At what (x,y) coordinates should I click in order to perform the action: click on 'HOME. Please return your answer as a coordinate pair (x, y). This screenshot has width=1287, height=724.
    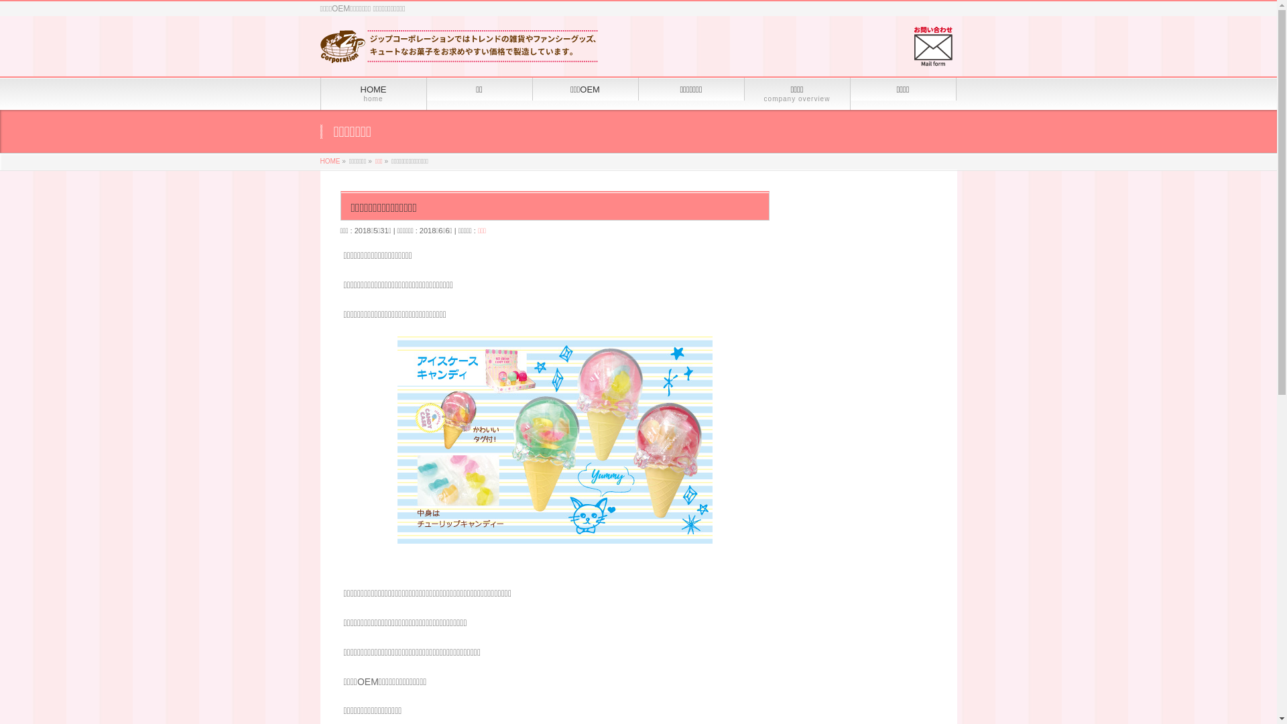
    Looking at the image, I should click on (373, 93).